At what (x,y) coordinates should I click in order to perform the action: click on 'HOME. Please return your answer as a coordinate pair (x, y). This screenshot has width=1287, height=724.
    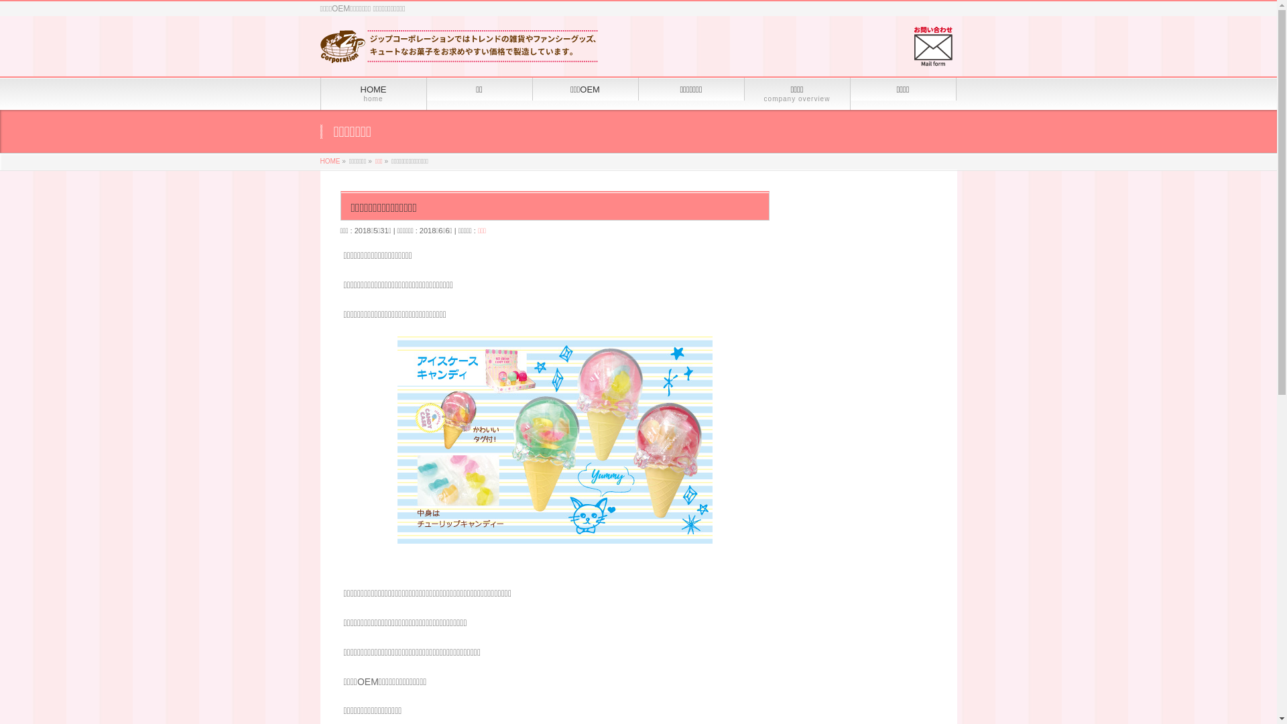
    Looking at the image, I should click on (373, 93).